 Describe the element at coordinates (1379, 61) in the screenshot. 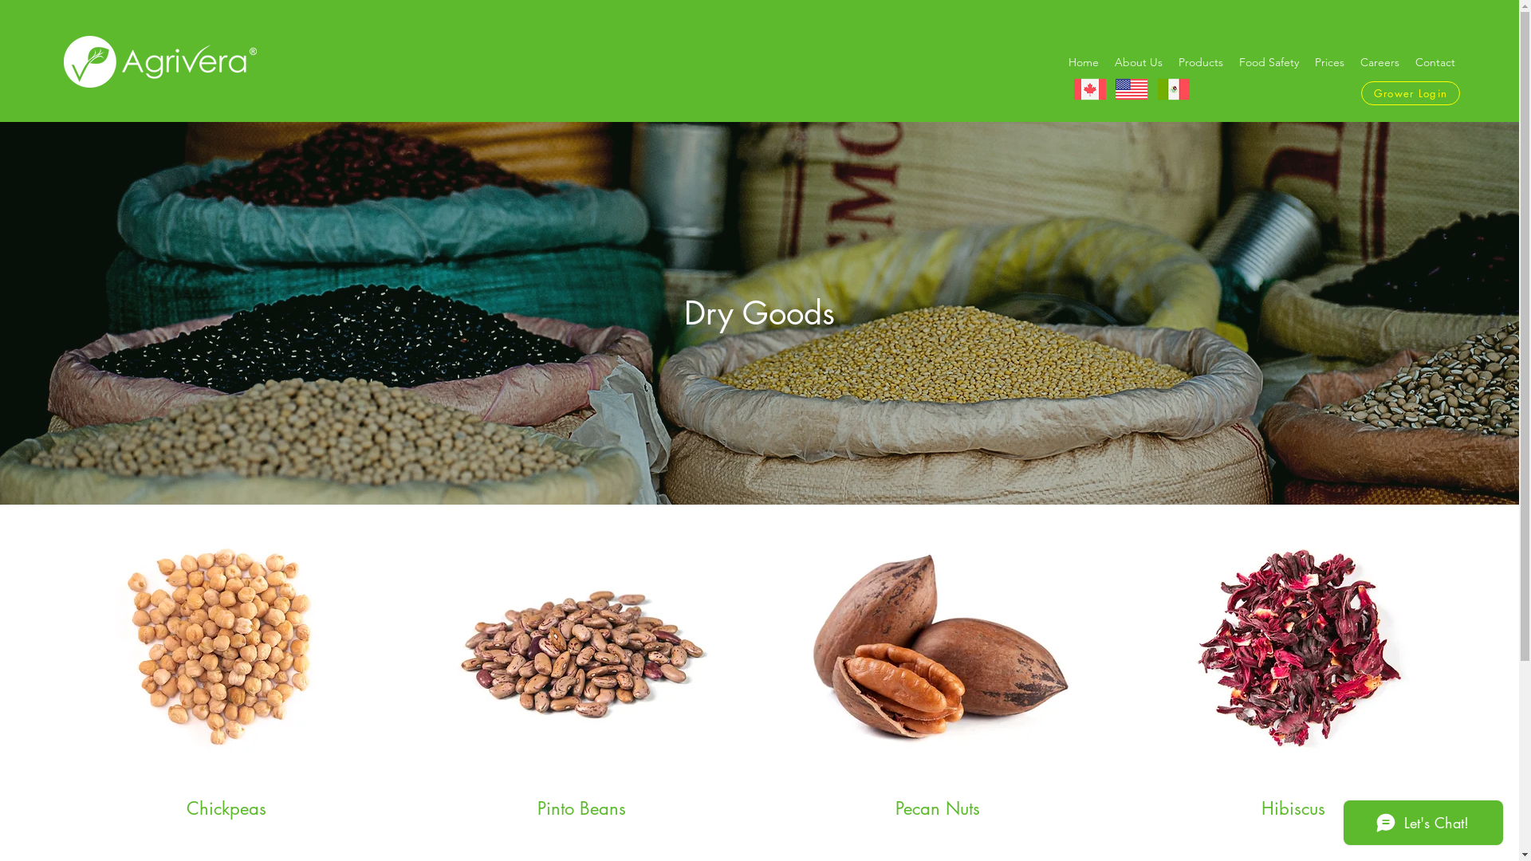

I see `'Careers'` at that location.